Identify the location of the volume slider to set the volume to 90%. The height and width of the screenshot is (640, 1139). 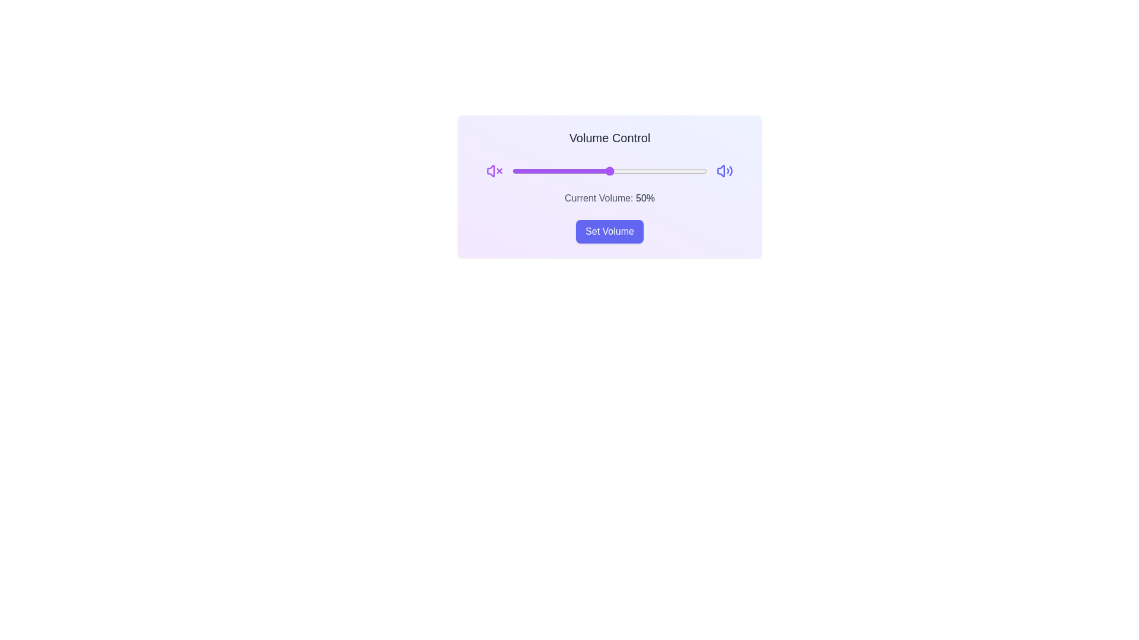
(687, 171).